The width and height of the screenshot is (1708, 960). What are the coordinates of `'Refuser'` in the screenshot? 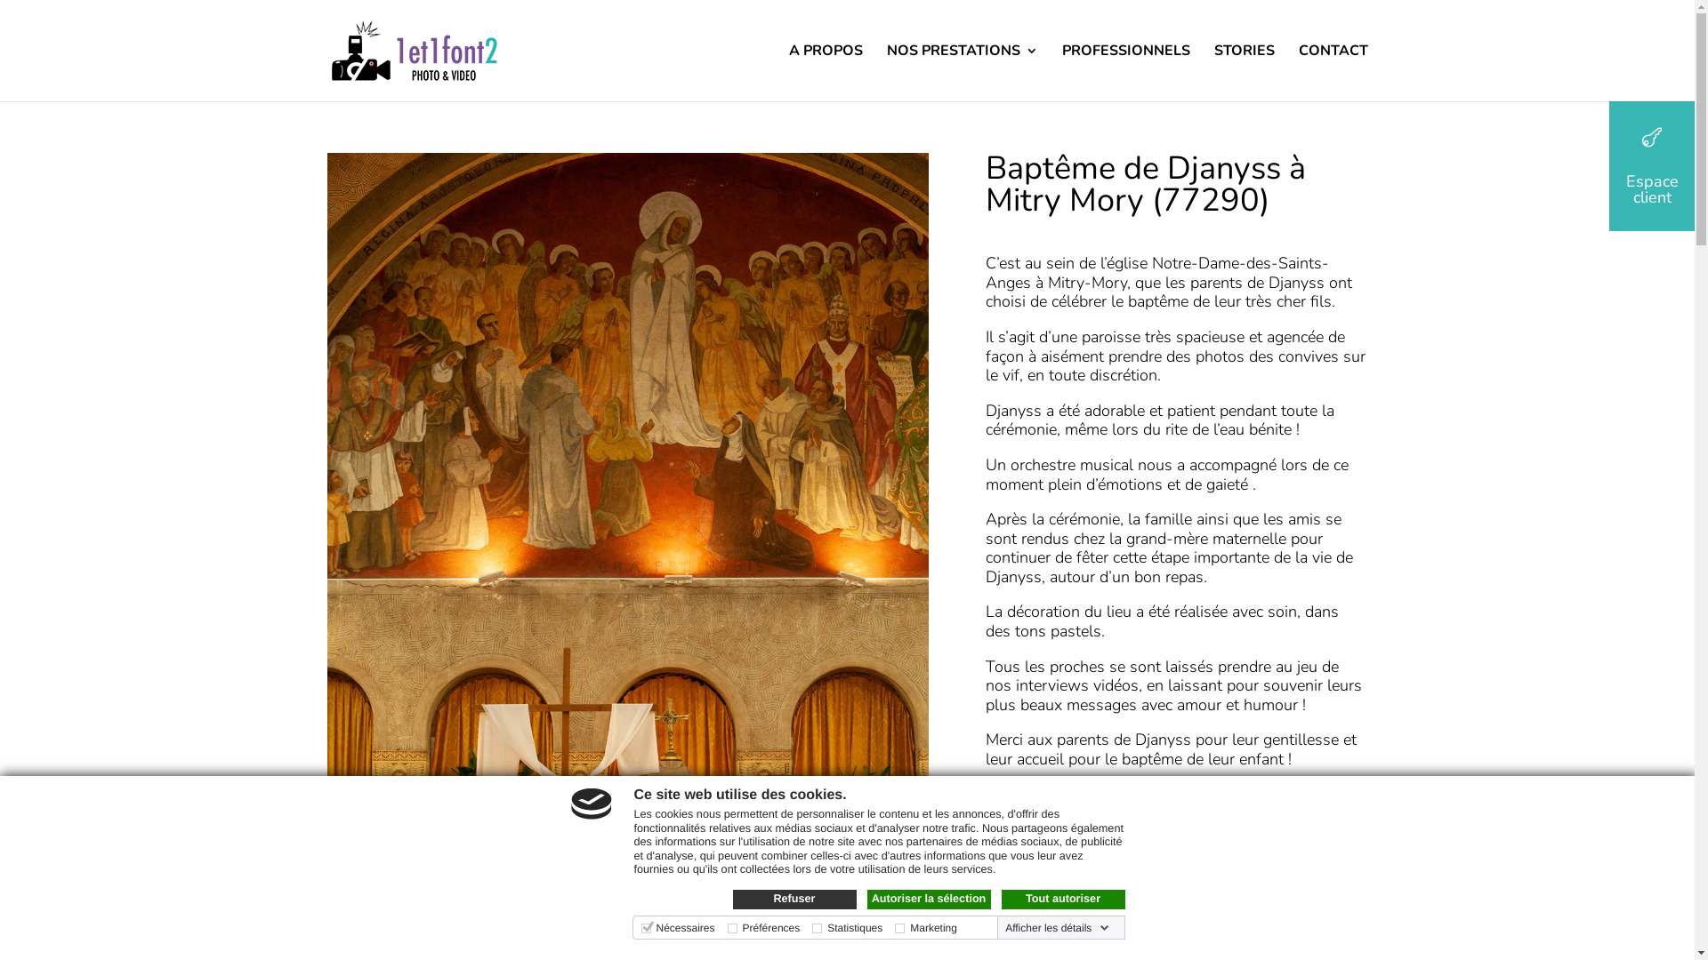 It's located at (794, 899).